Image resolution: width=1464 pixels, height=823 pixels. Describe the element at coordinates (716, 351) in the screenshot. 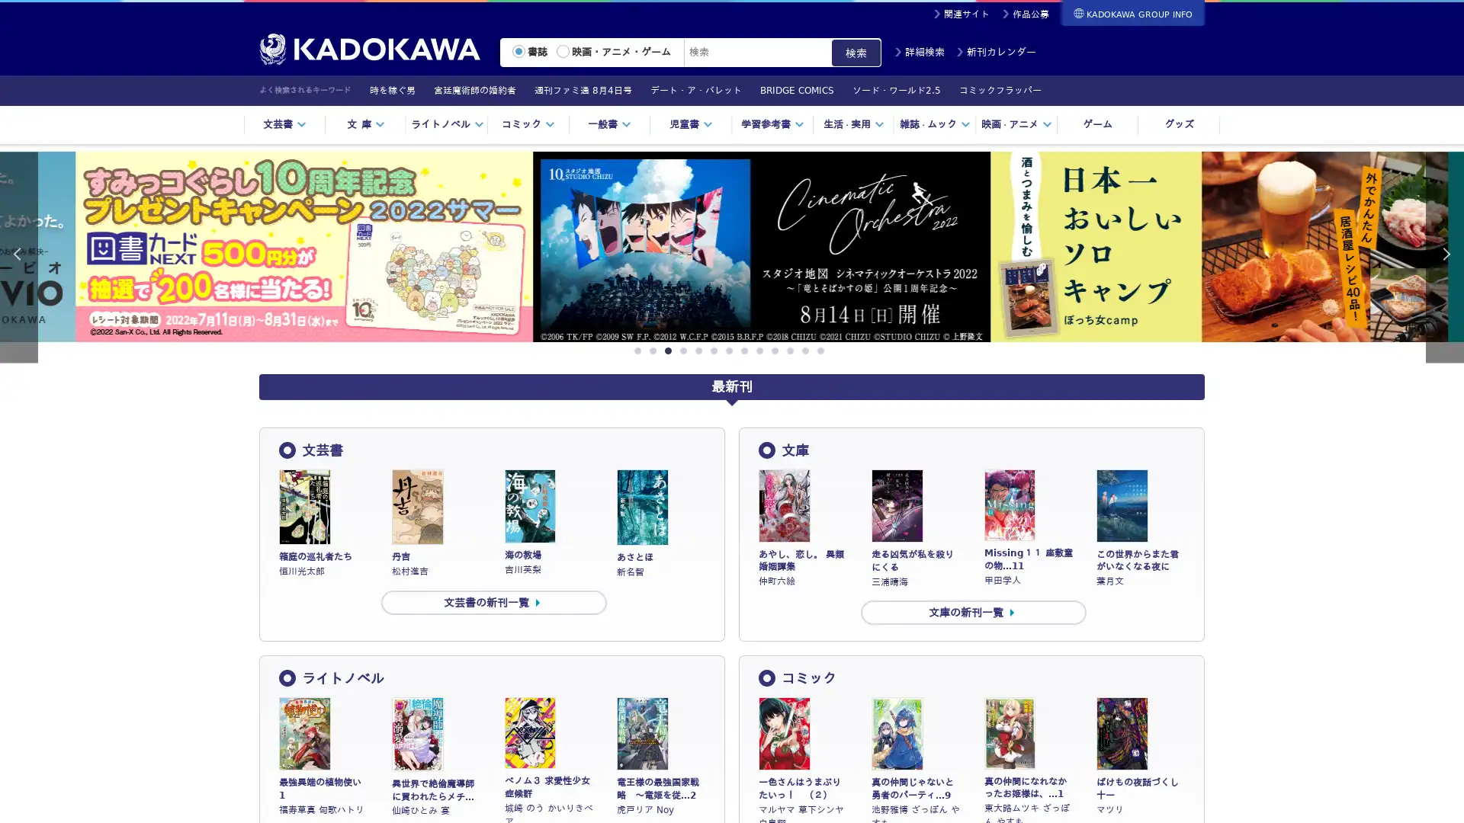

I see `6` at that location.